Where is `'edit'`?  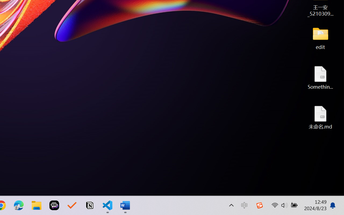 'edit' is located at coordinates (320, 38).